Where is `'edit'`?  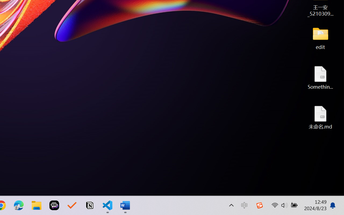 'edit' is located at coordinates (320, 38).